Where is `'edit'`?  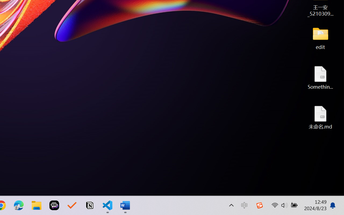 'edit' is located at coordinates (320, 38).